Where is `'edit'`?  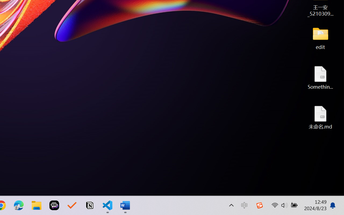 'edit' is located at coordinates (320, 38).